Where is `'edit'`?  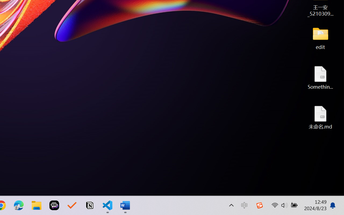 'edit' is located at coordinates (320, 38).